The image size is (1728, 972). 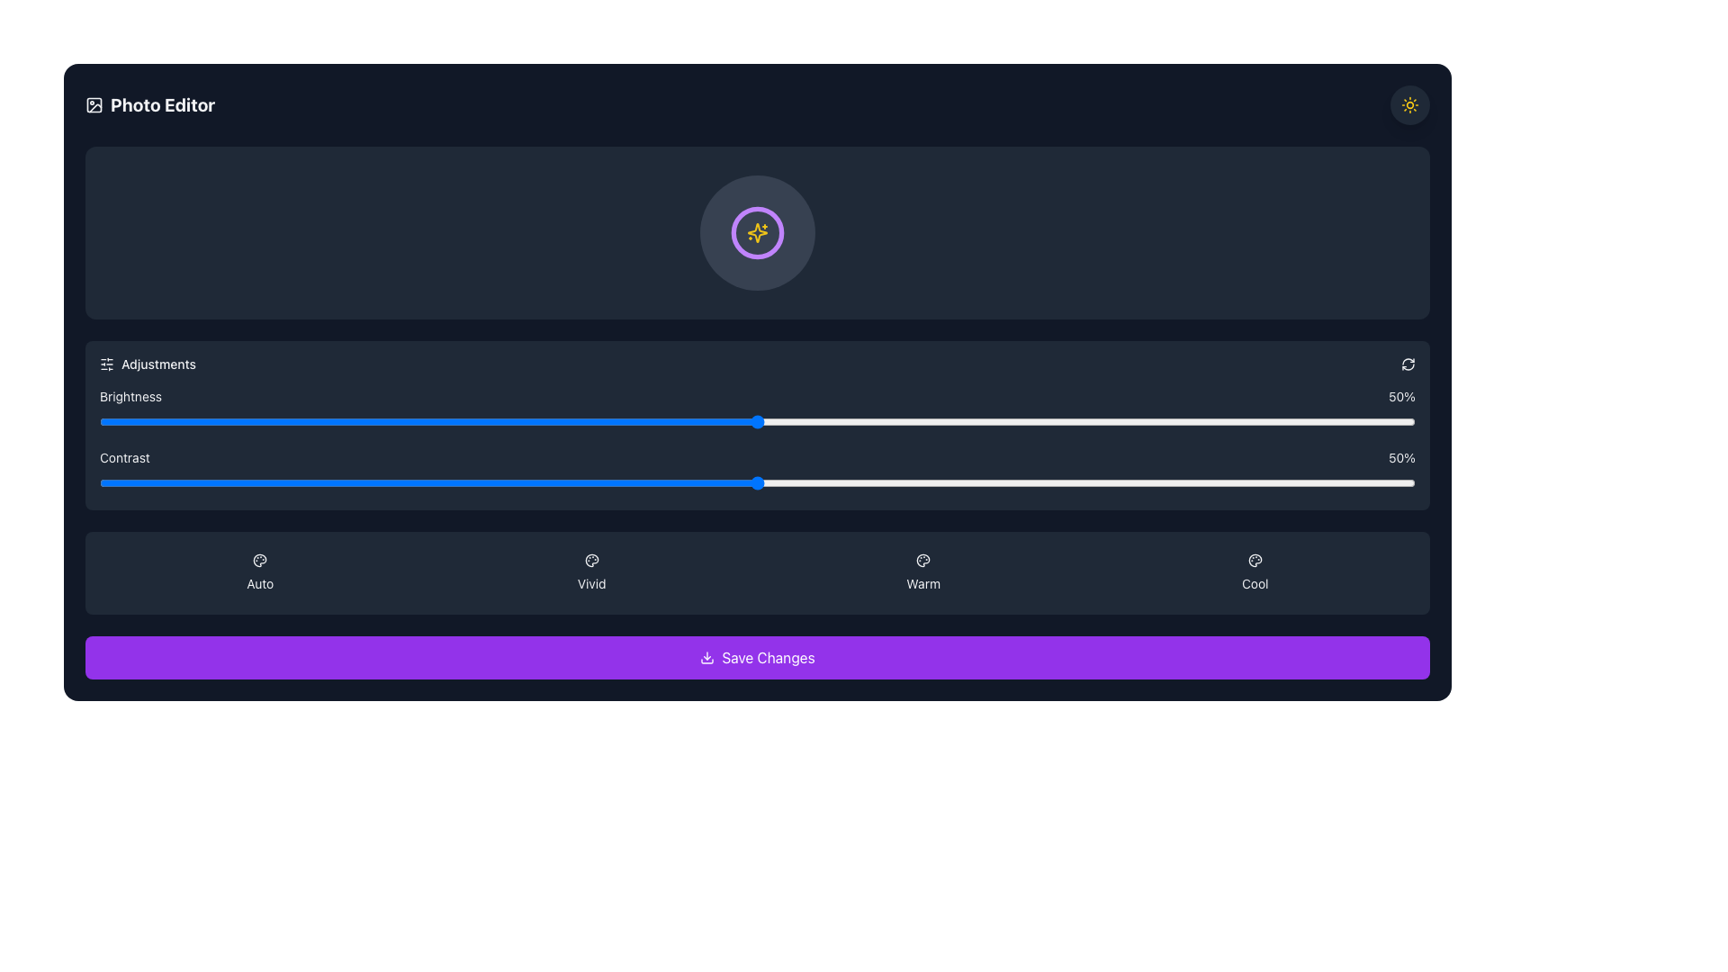 What do you see at coordinates (349, 422) in the screenshot?
I see `brightness` at bounding box center [349, 422].